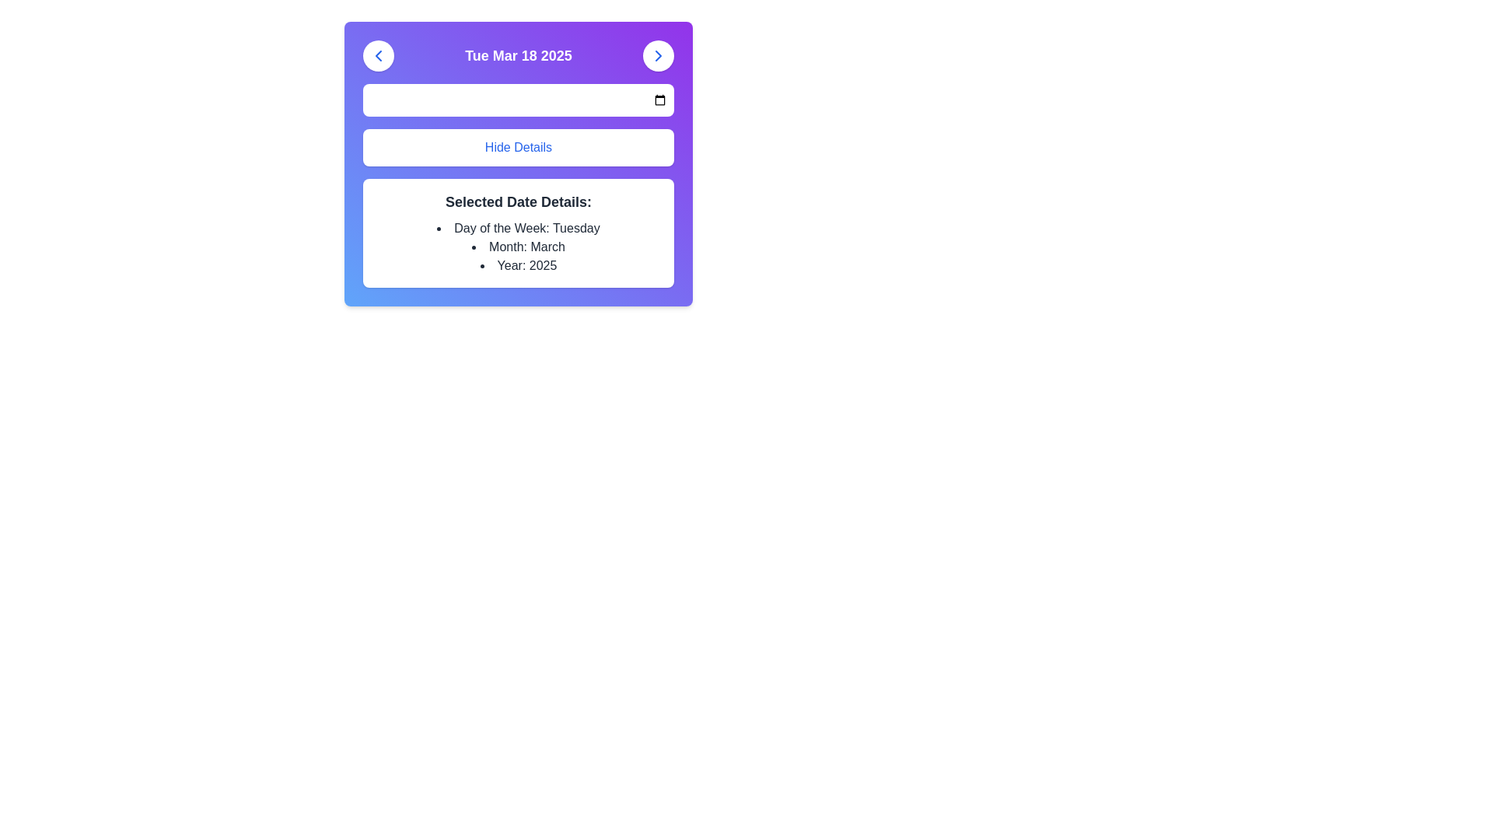 The image size is (1493, 840). What do you see at coordinates (519, 55) in the screenshot?
I see `the non-interactive text label displaying the currently selected date, located in the upper central section of the interface` at bounding box center [519, 55].